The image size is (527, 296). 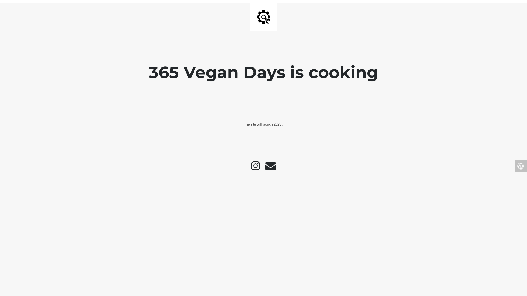 What do you see at coordinates (263, 16) in the screenshot?
I see `'Site is Under Construction'` at bounding box center [263, 16].